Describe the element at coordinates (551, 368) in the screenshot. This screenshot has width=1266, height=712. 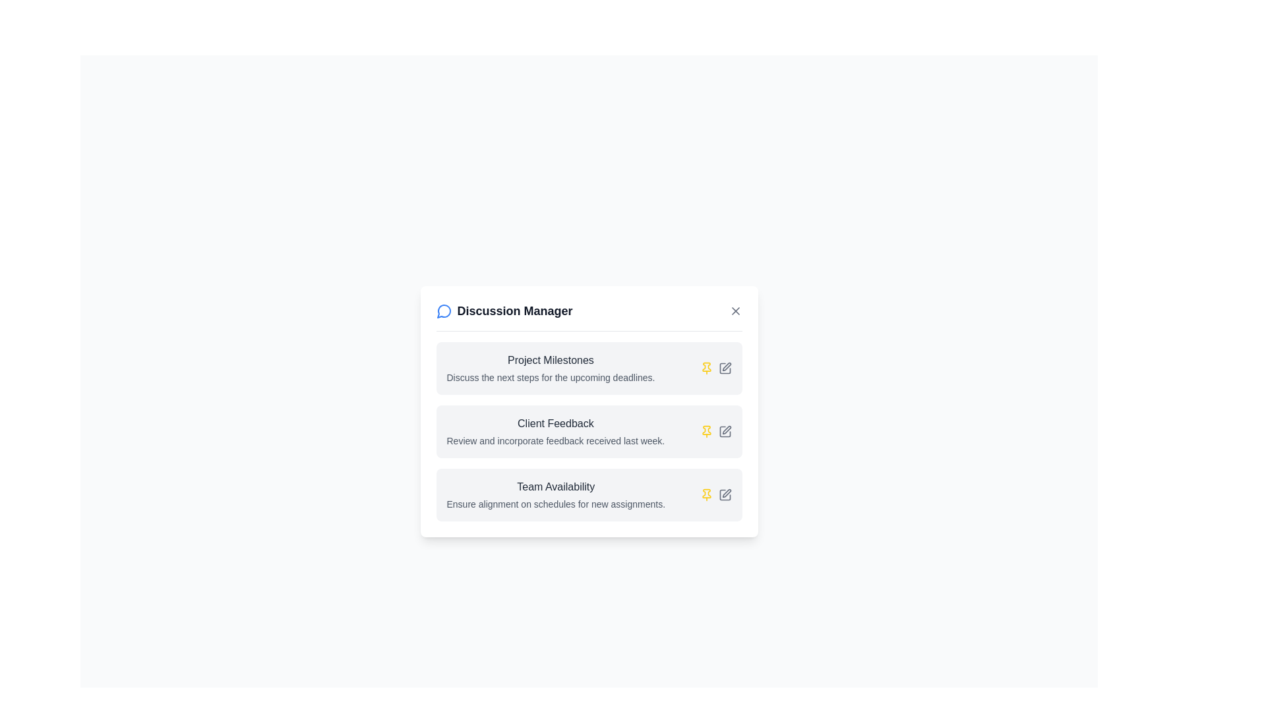
I see `text block titled 'Project Milestones' which contains the description 'Discuss the next steps for the upcoming deadlines.'` at that location.